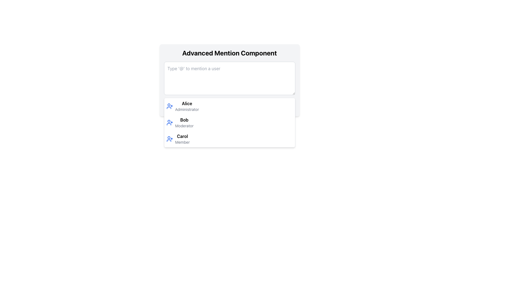 Image resolution: width=525 pixels, height=295 pixels. Describe the element at coordinates (229, 106) in the screenshot. I see `the first item in the dropdown list that mentions the user 'Alice' with the role 'Administrator'` at that location.